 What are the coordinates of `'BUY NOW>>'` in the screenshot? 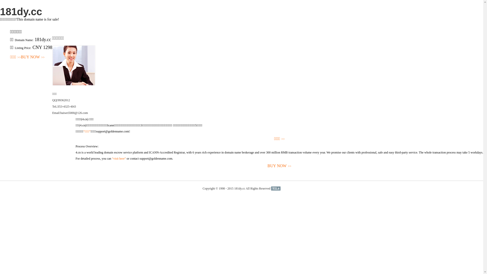 It's located at (32, 57).